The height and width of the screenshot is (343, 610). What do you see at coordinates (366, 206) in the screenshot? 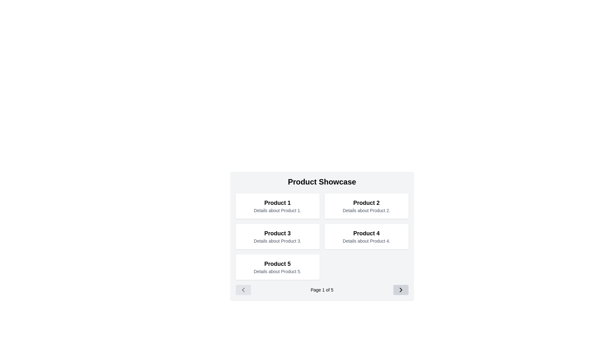
I see `the Content card displaying 'Product 2' located in the top-right corner of the grid layout` at bounding box center [366, 206].